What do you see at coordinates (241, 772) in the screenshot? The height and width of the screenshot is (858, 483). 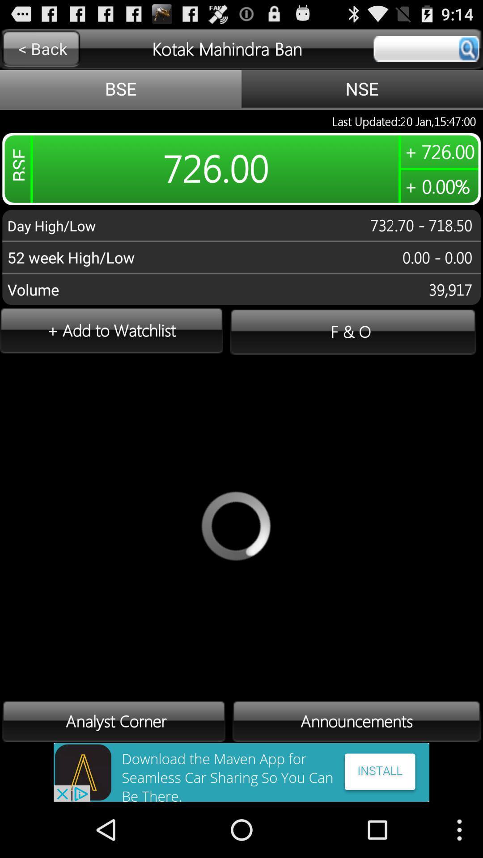 I see `image` at bounding box center [241, 772].